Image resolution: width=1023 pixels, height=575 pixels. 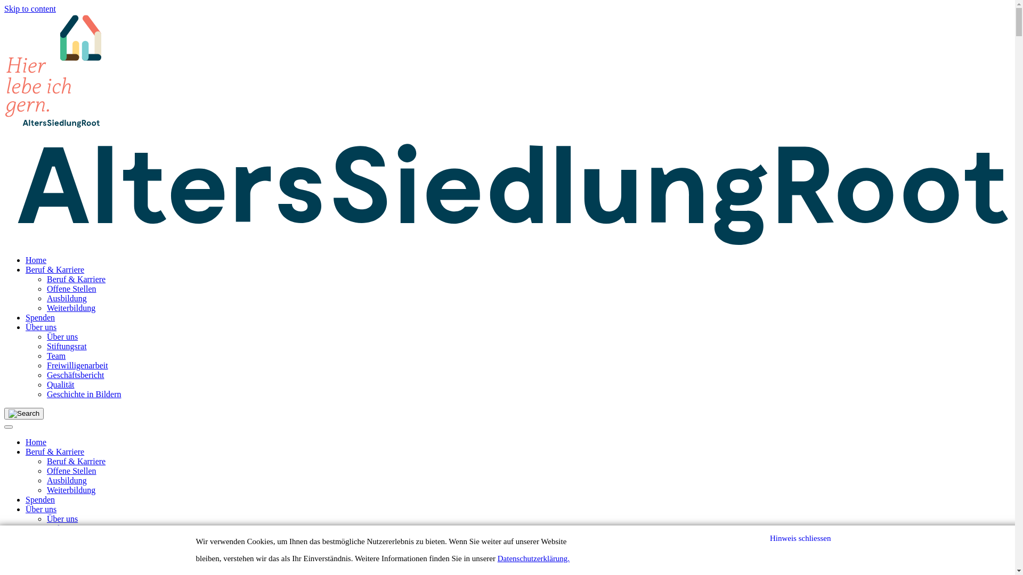 I want to click on 'Weiterbildung', so click(x=70, y=490).